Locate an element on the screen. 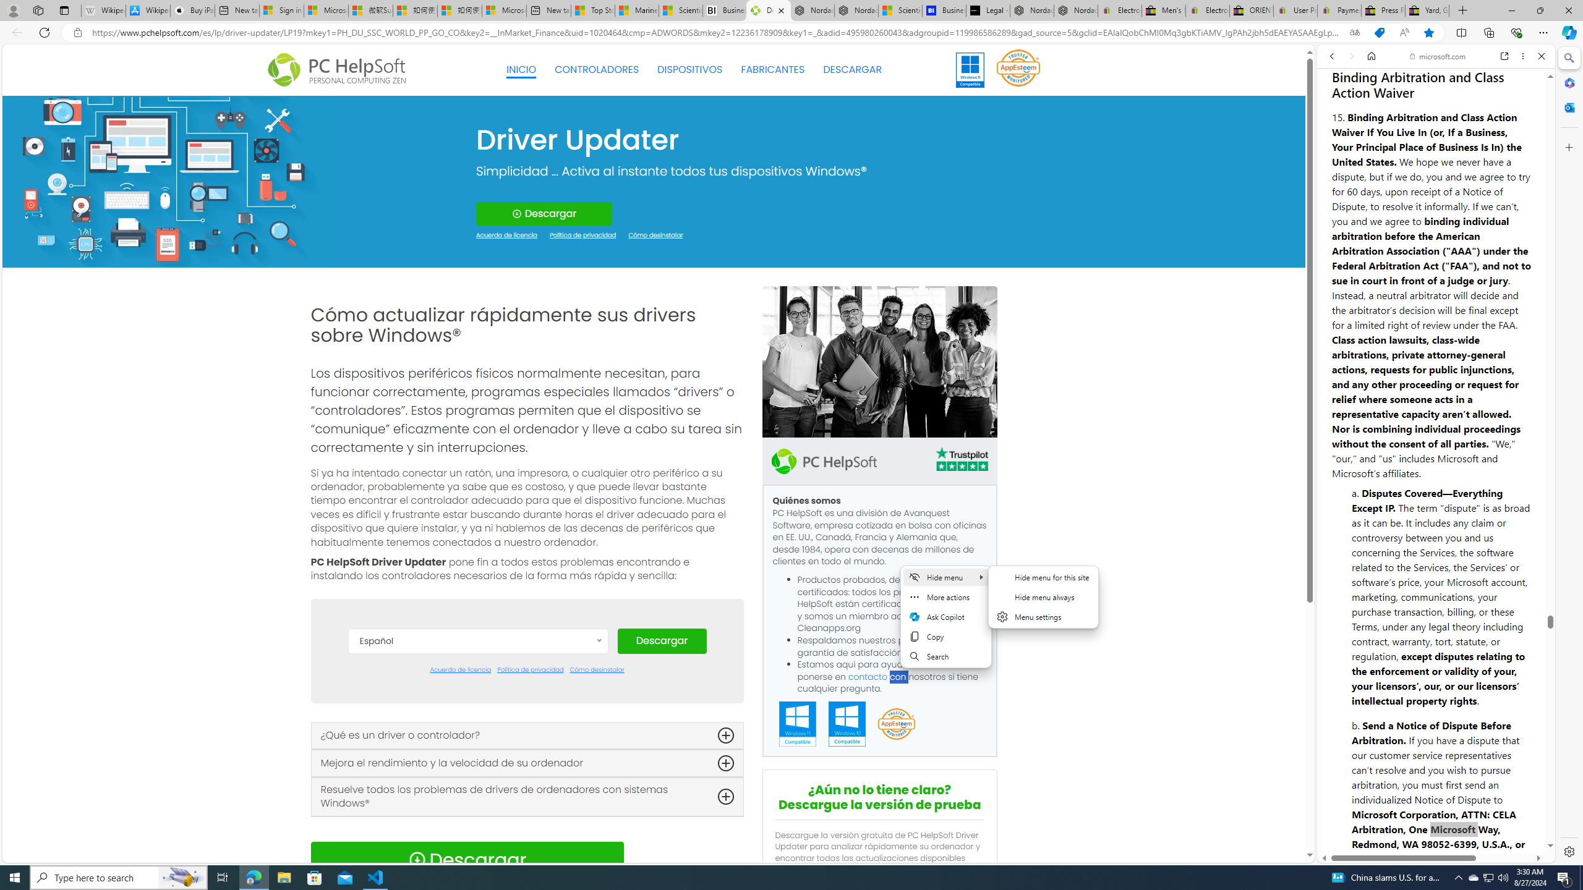 This screenshot has width=1583, height=890. 'INICIO' is located at coordinates (521, 69).